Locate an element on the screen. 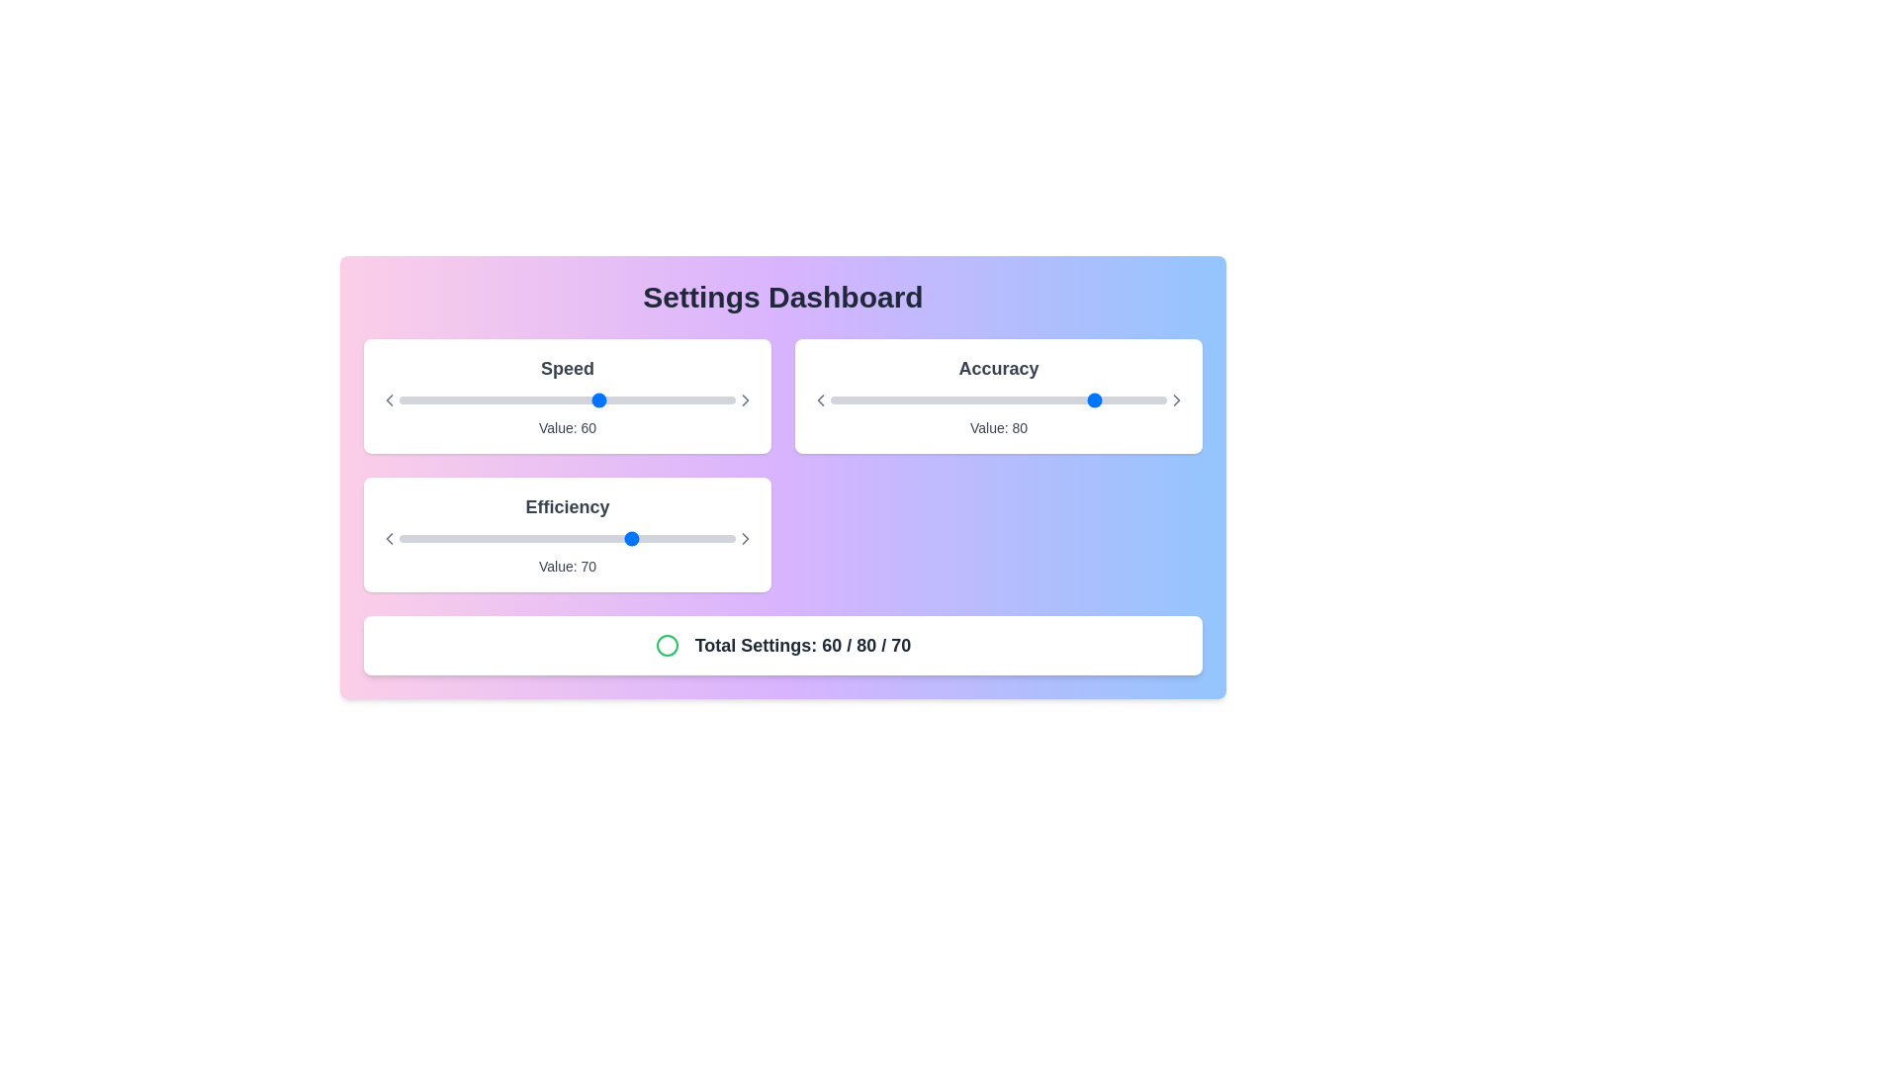  the accuracy slider is located at coordinates (900, 400).